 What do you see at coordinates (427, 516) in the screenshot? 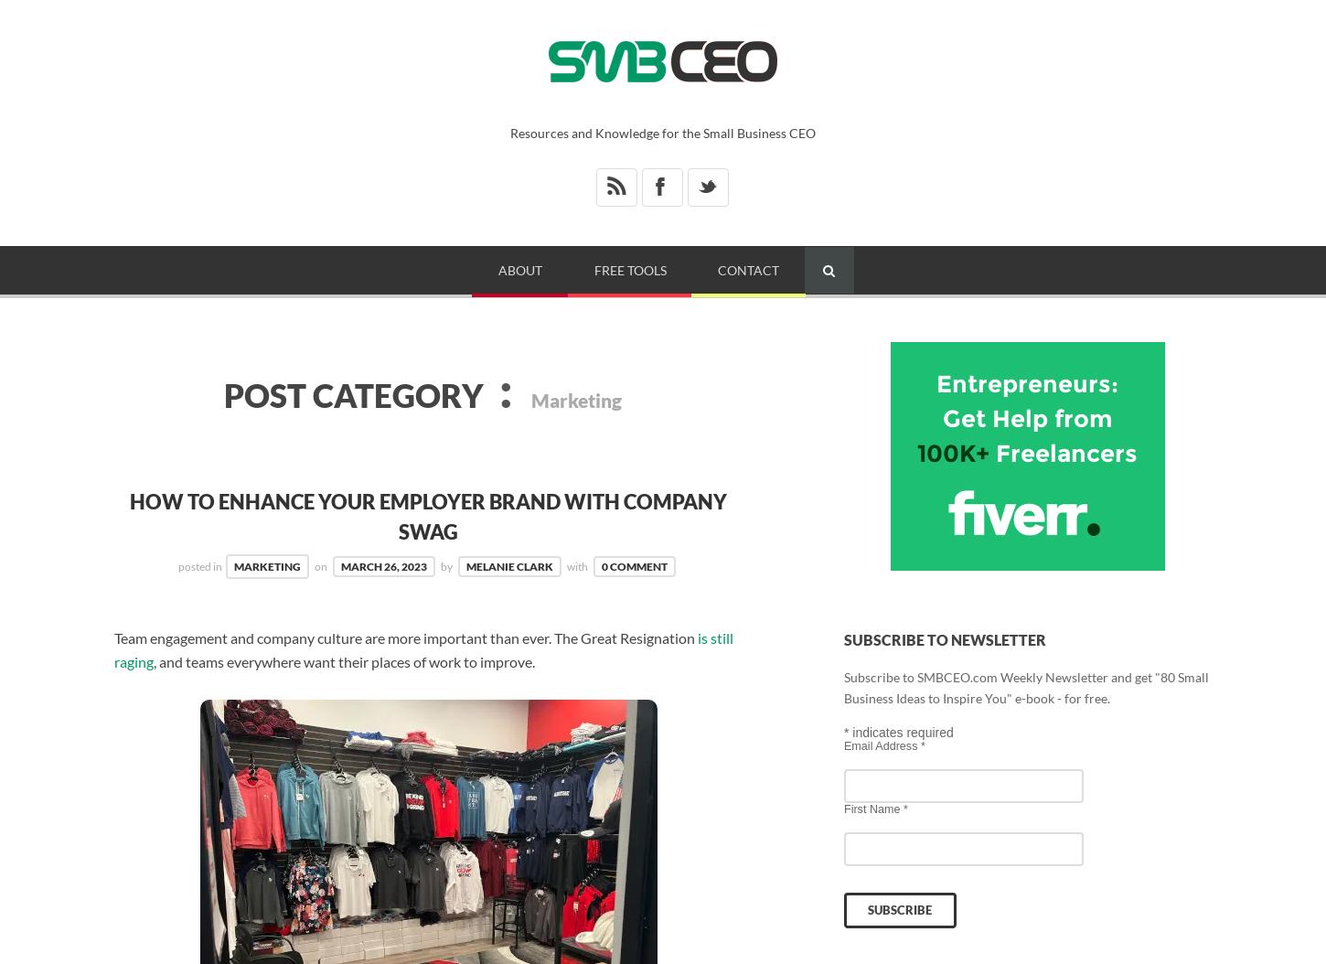
I see `'How to Enhance Your Employer Brand With Company Swag'` at bounding box center [427, 516].